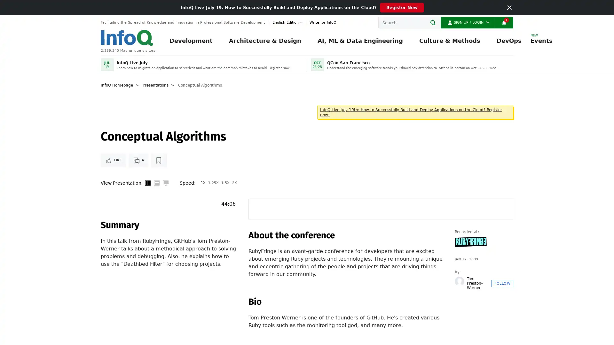 The width and height of the screenshot is (614, 345). Describe the element at coordinates (288, 22) in the screenshot. I see `English edition` at that location.